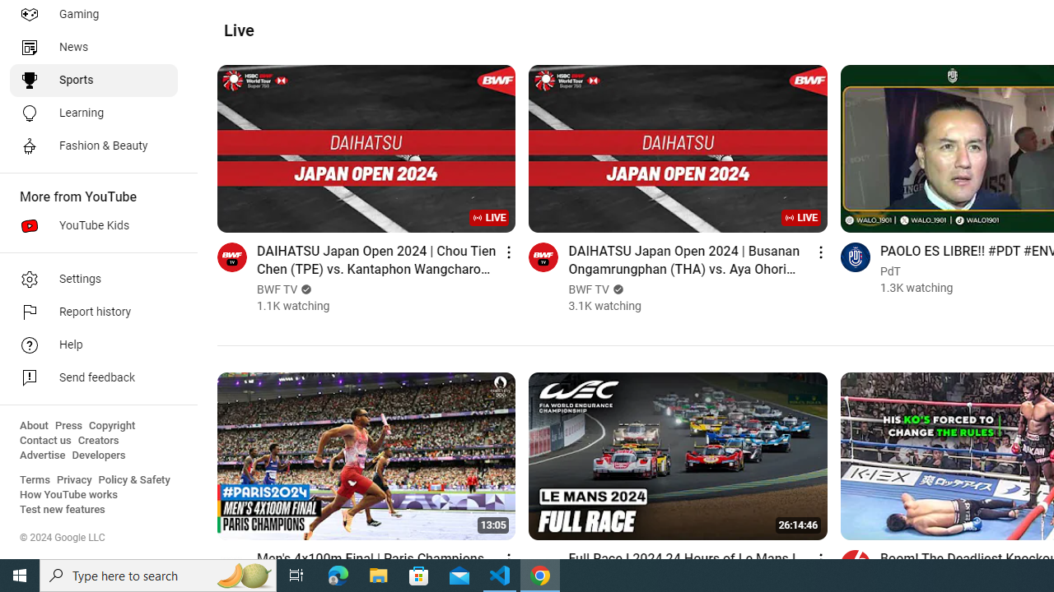  Describe the element at coordinates (73, 480) in the screenshot. I see `'Privacy'` at that location.